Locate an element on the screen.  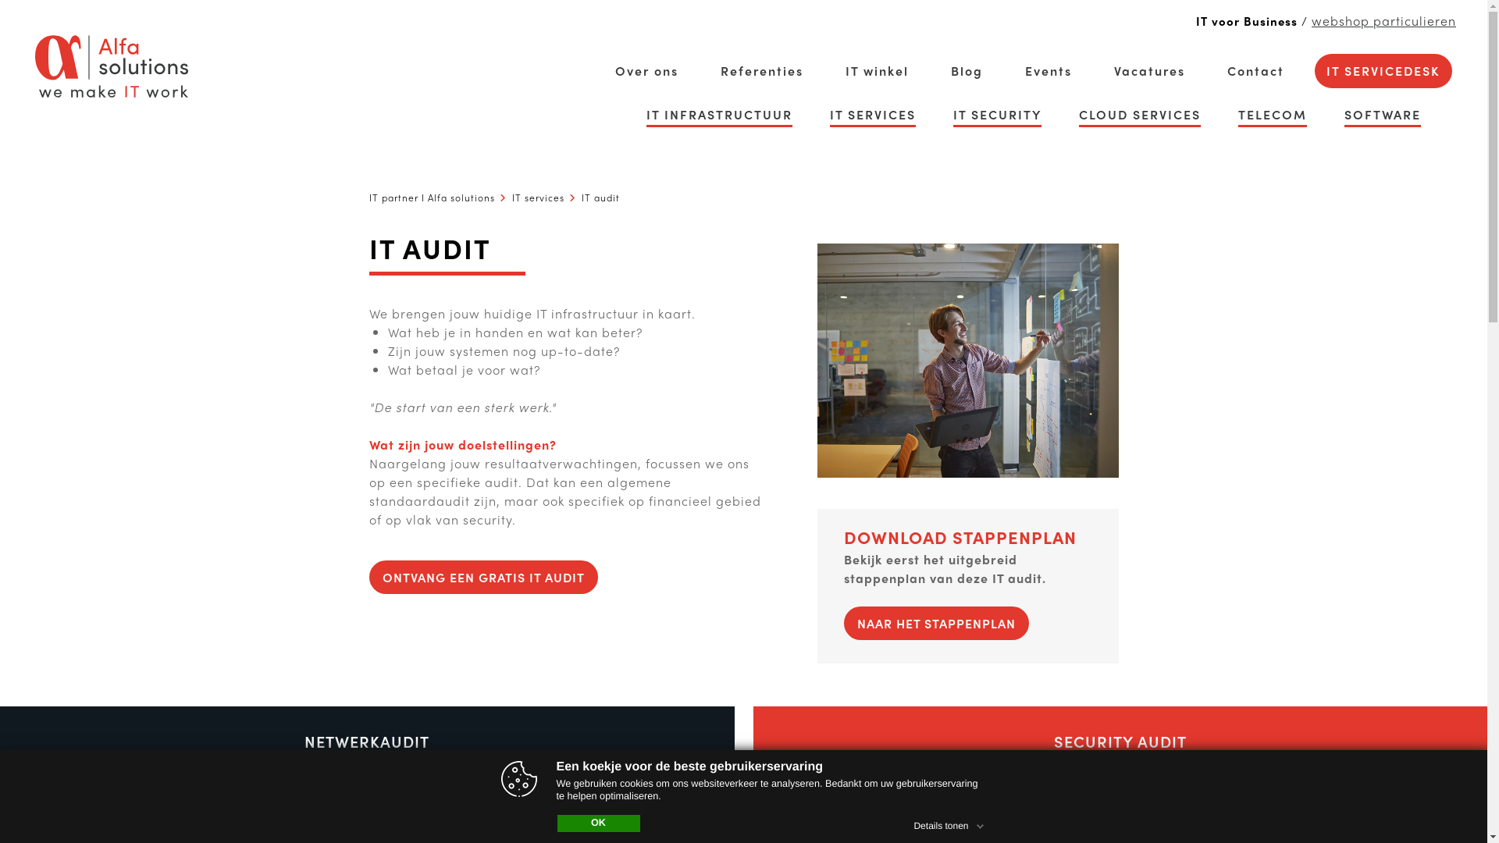
'IT AUDIT' is located at coordinates (966, 361).